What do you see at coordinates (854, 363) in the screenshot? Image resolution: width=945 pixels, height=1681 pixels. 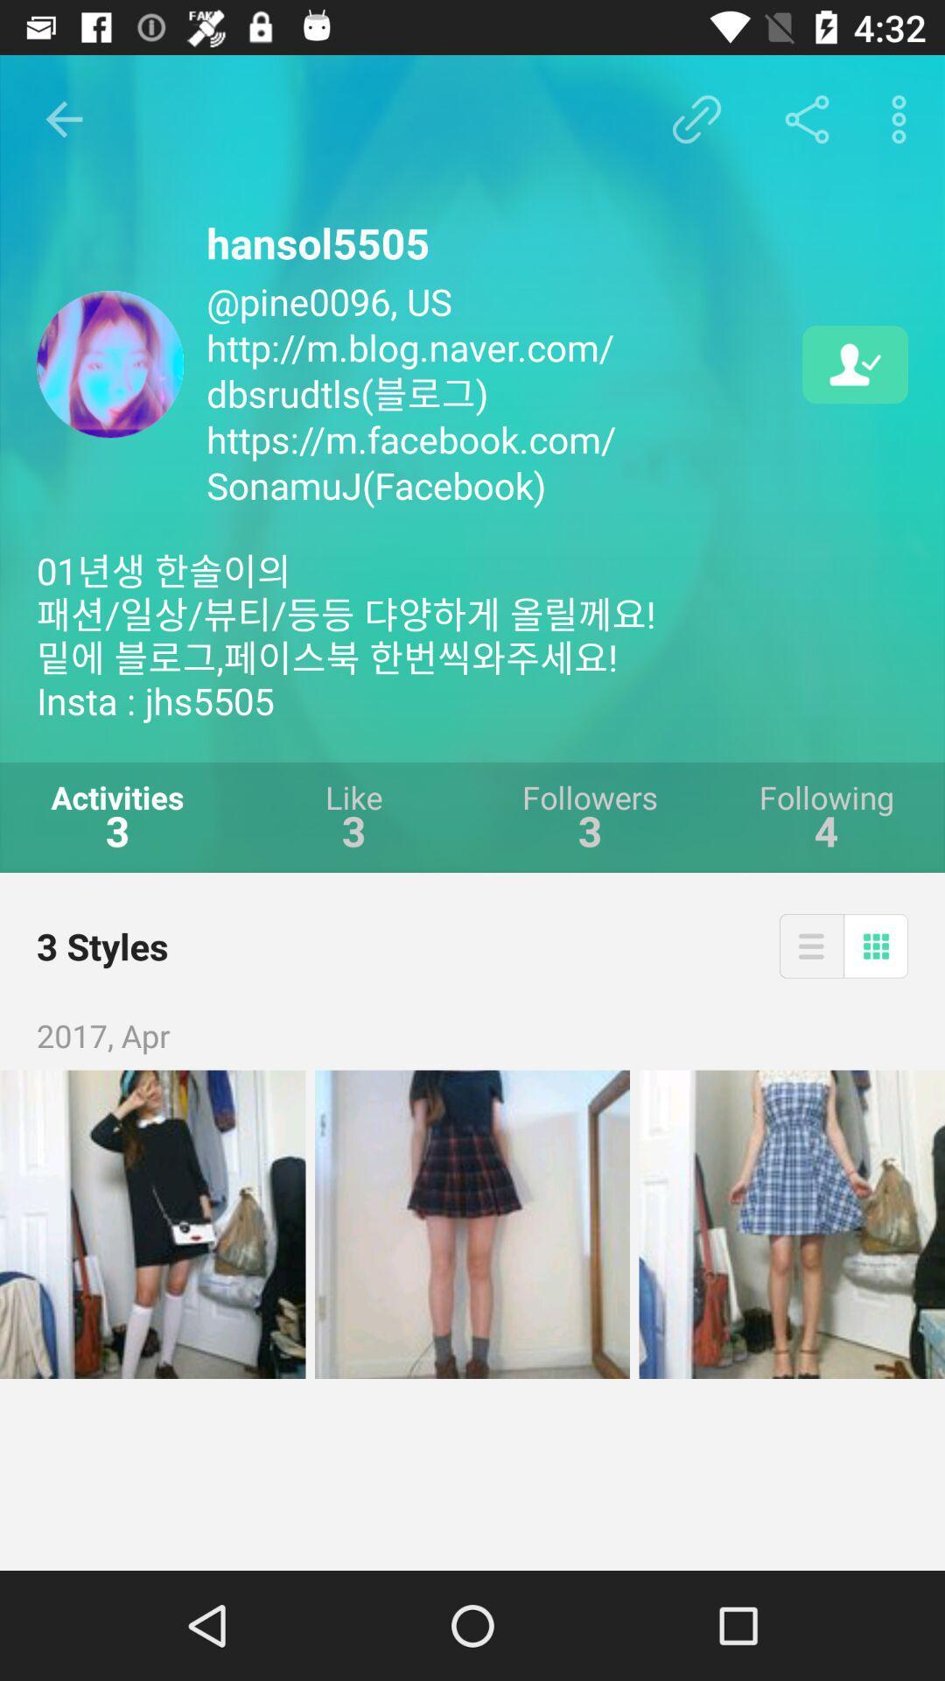 I see `following` at bounding box center [854, 363].